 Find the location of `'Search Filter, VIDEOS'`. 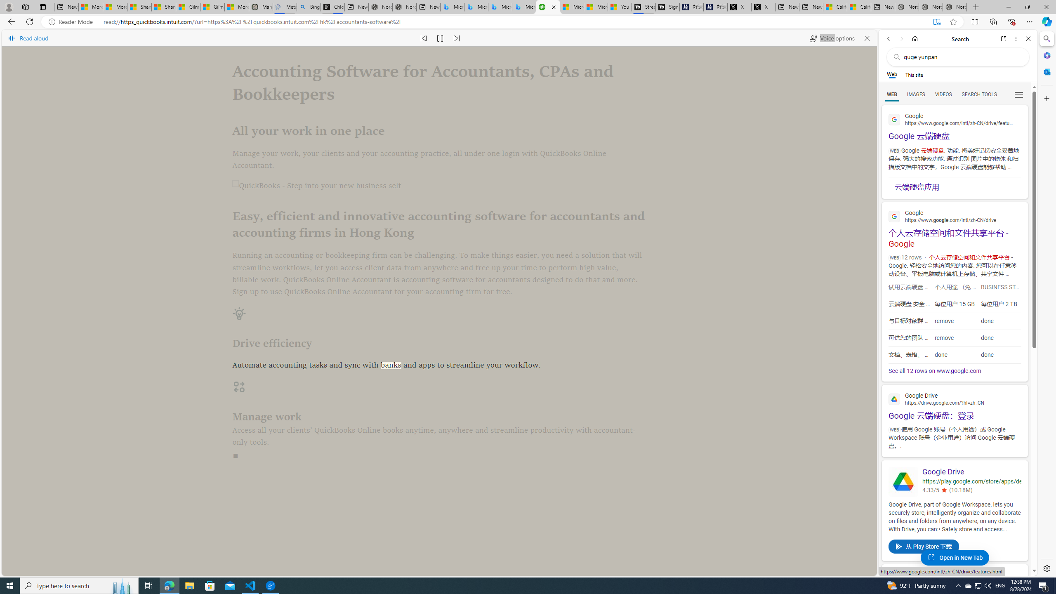

'Search Filter, VIDEOS' is located at coordinates (943, 94).